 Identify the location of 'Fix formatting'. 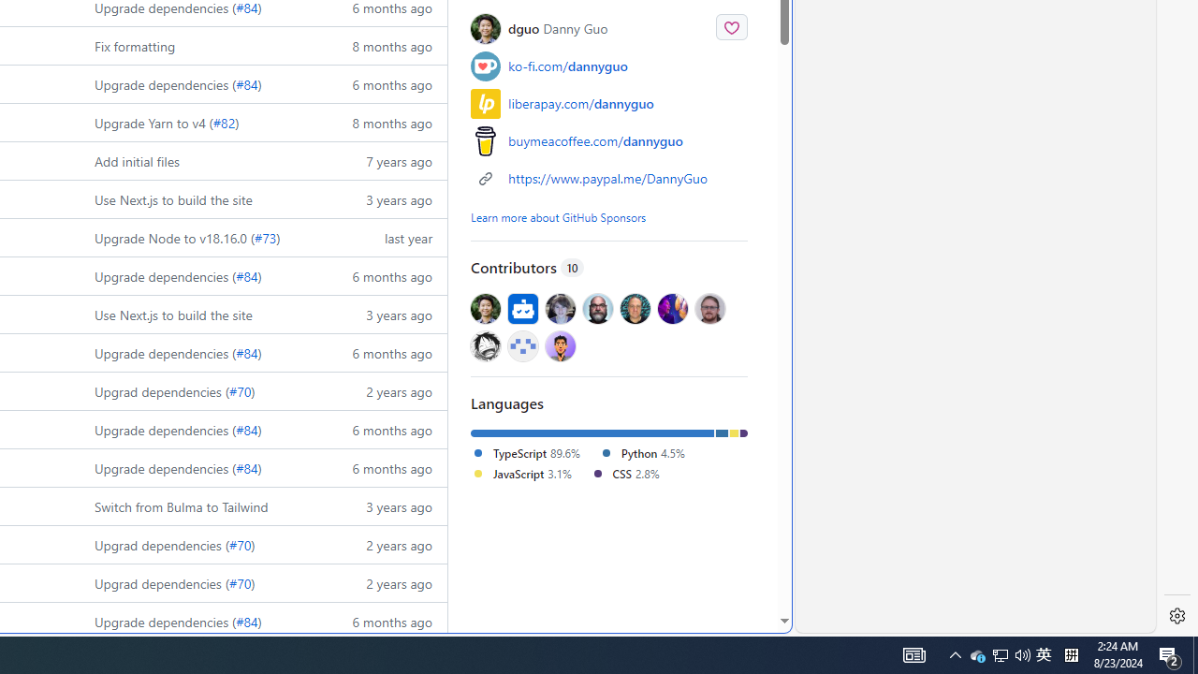
(134, 44).